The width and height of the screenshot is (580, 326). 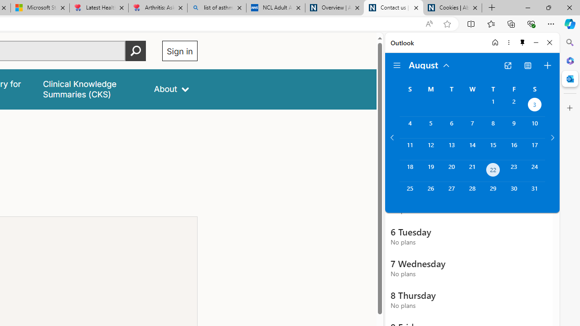 I want to click on 'Tuesday, August 20, 2024. ', so click(x=451, y=171).